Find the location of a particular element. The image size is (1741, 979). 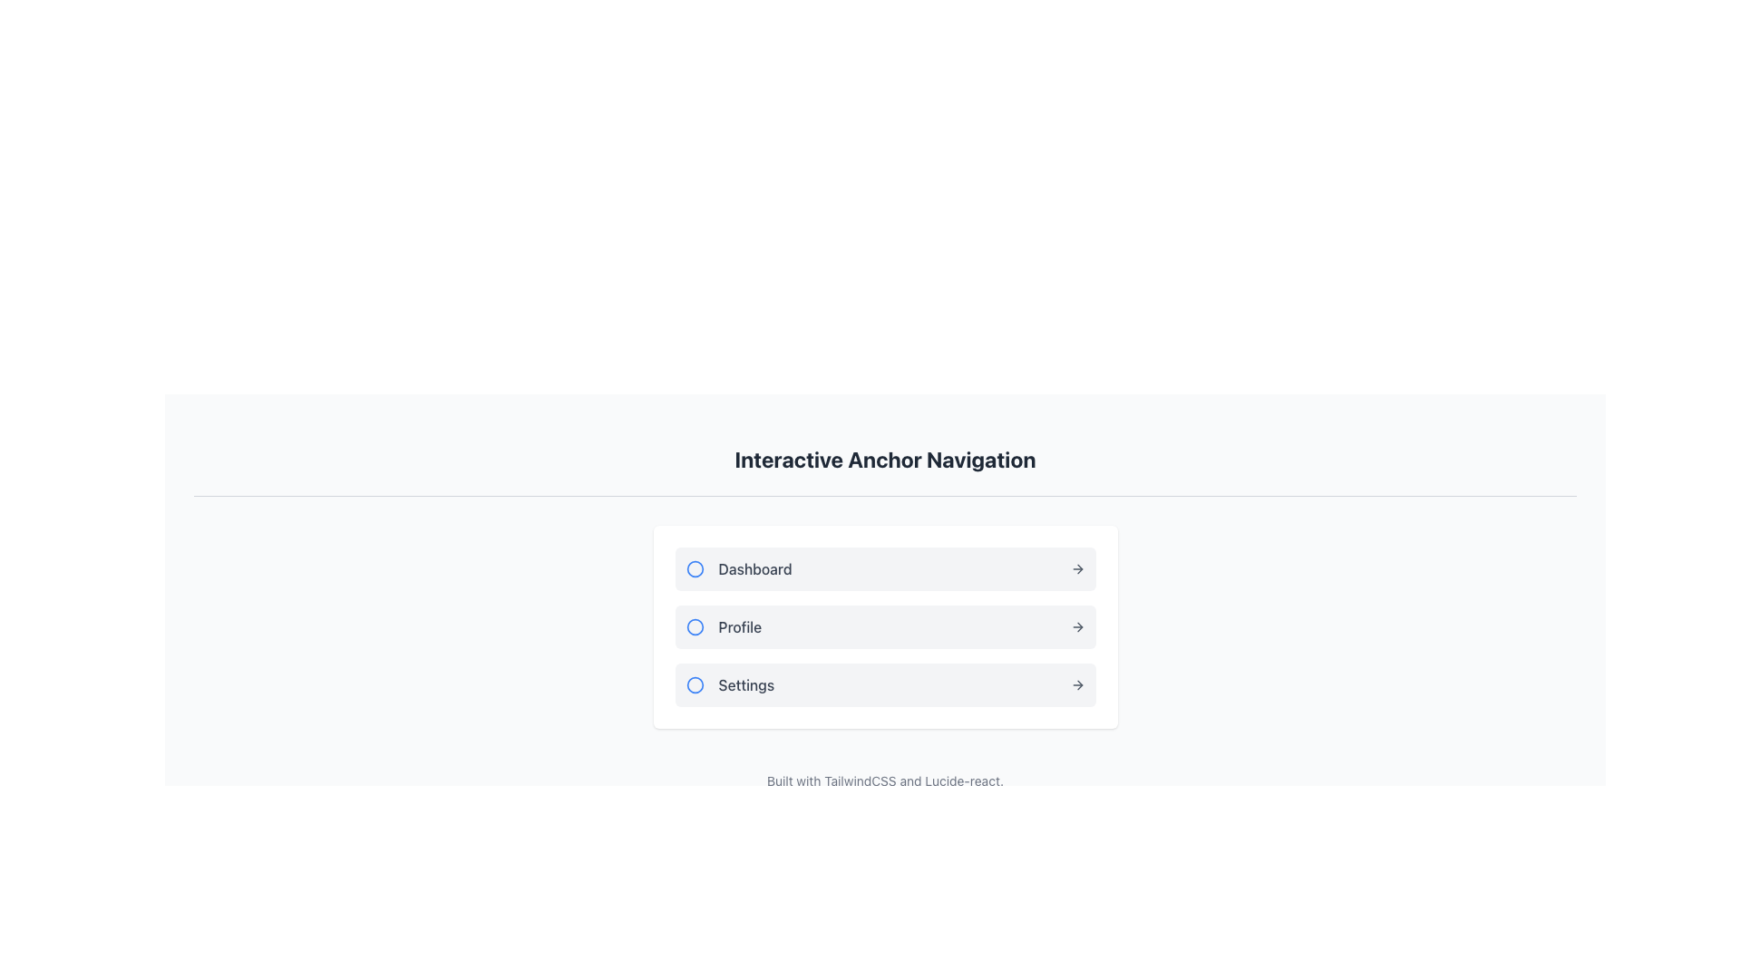

the forward navigation arrow icon located at the far-right side of the 'Settings' button to confirm the selection of the 'Settings' option is located at coordinates (1077, 685).